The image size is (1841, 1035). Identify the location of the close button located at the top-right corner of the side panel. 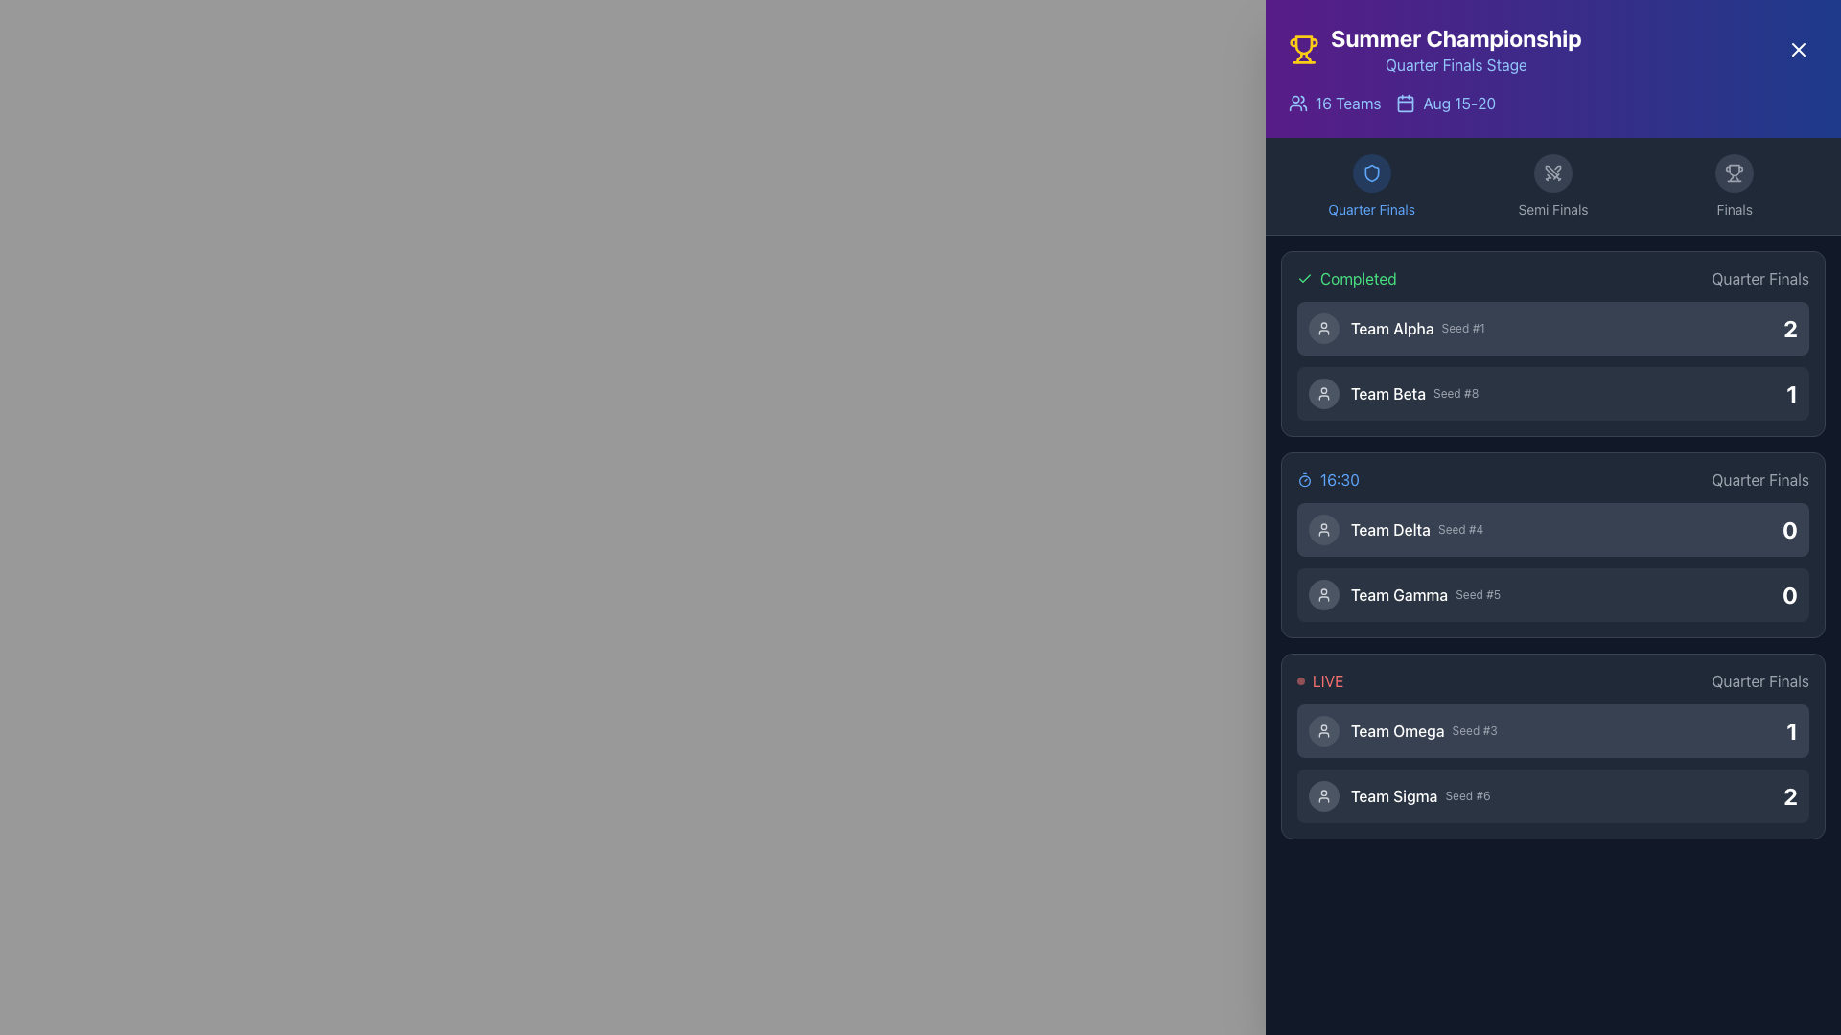
(1798, 48).